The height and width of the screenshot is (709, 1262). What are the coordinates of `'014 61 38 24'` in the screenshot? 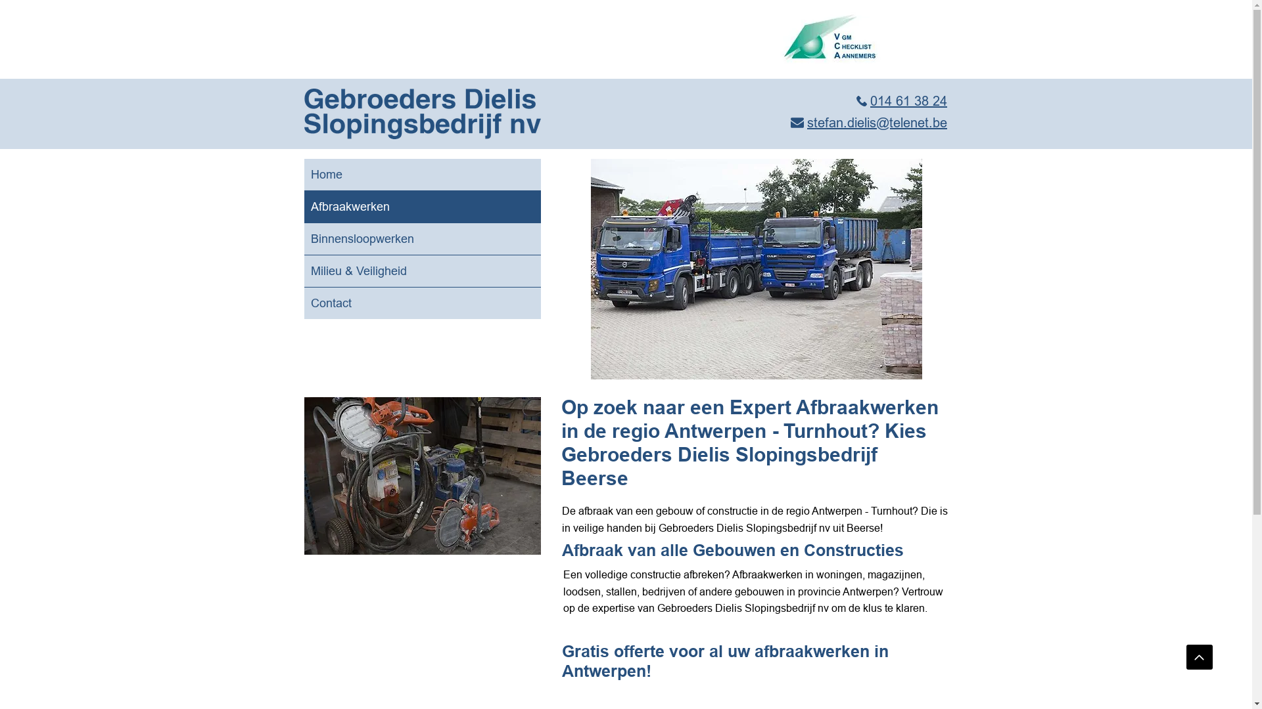 It's located at (901, 100).